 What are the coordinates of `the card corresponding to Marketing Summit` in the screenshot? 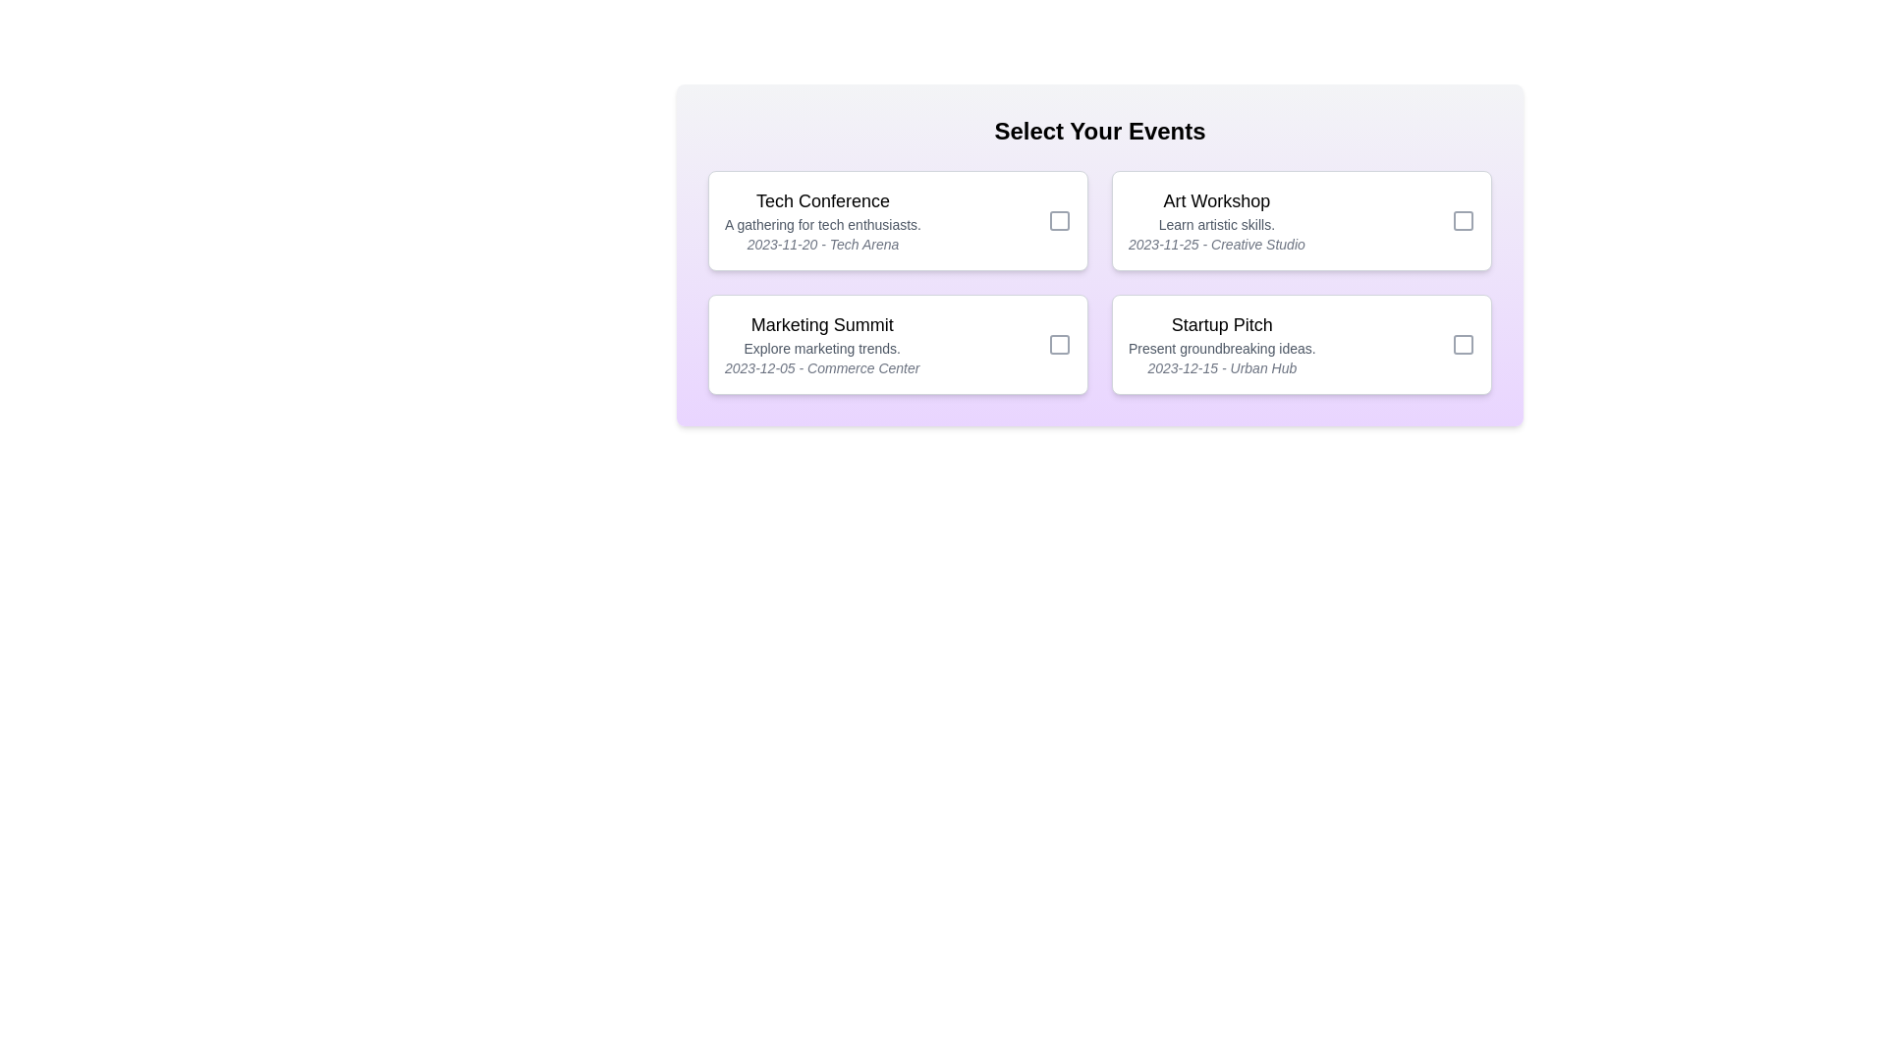 It's located at (897, 344).